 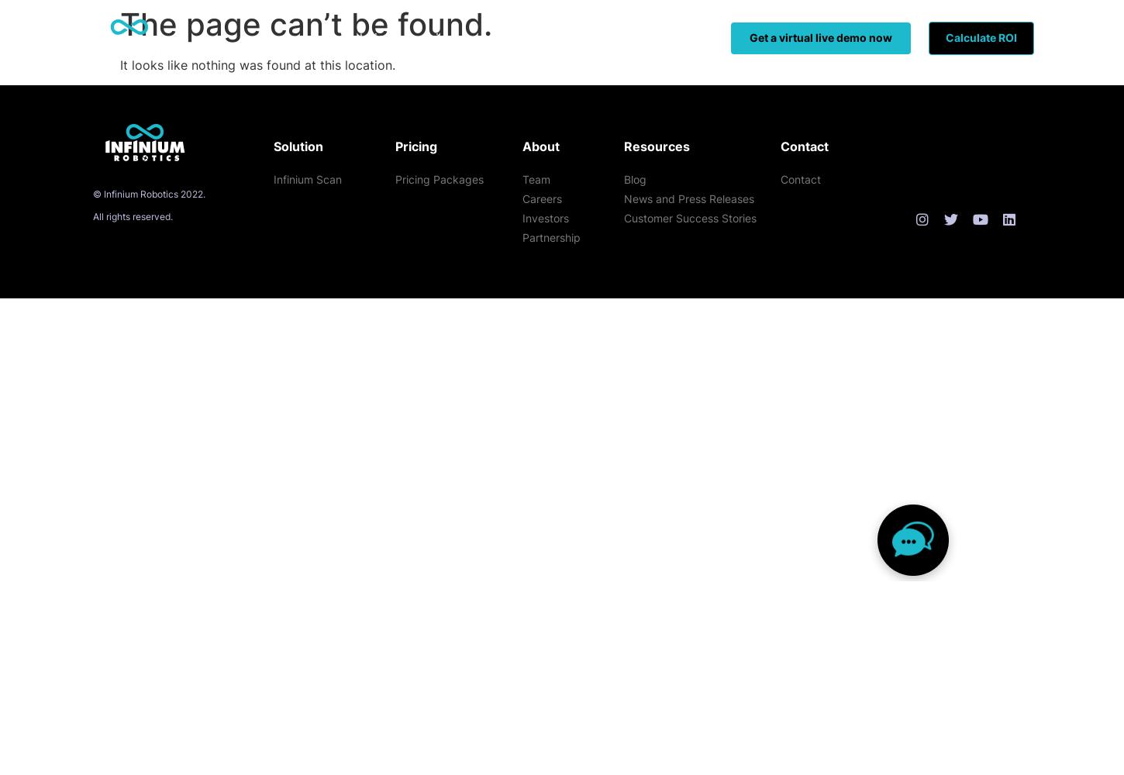 What do you see at coordinates (521, 236) in the screenshot?
I see `'Partnership'` at bounding box center [521, 236].